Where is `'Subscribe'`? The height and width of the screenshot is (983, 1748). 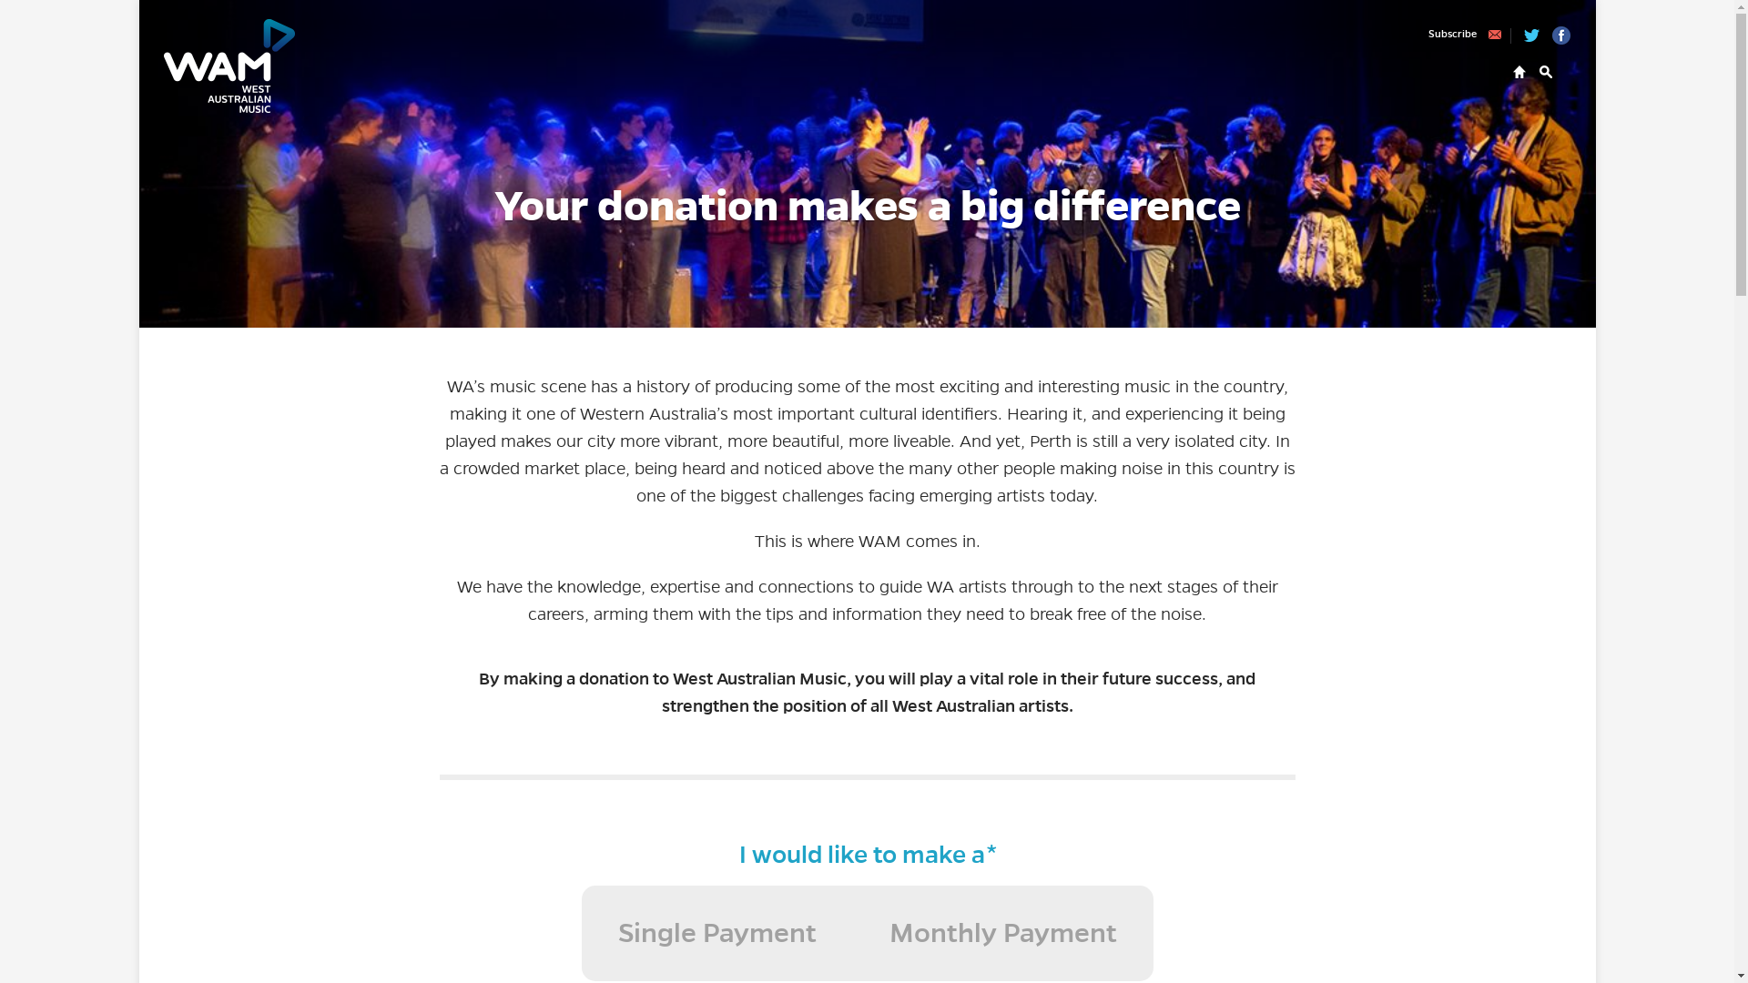 'Subscribe' is located at coordinates (1469, 35).